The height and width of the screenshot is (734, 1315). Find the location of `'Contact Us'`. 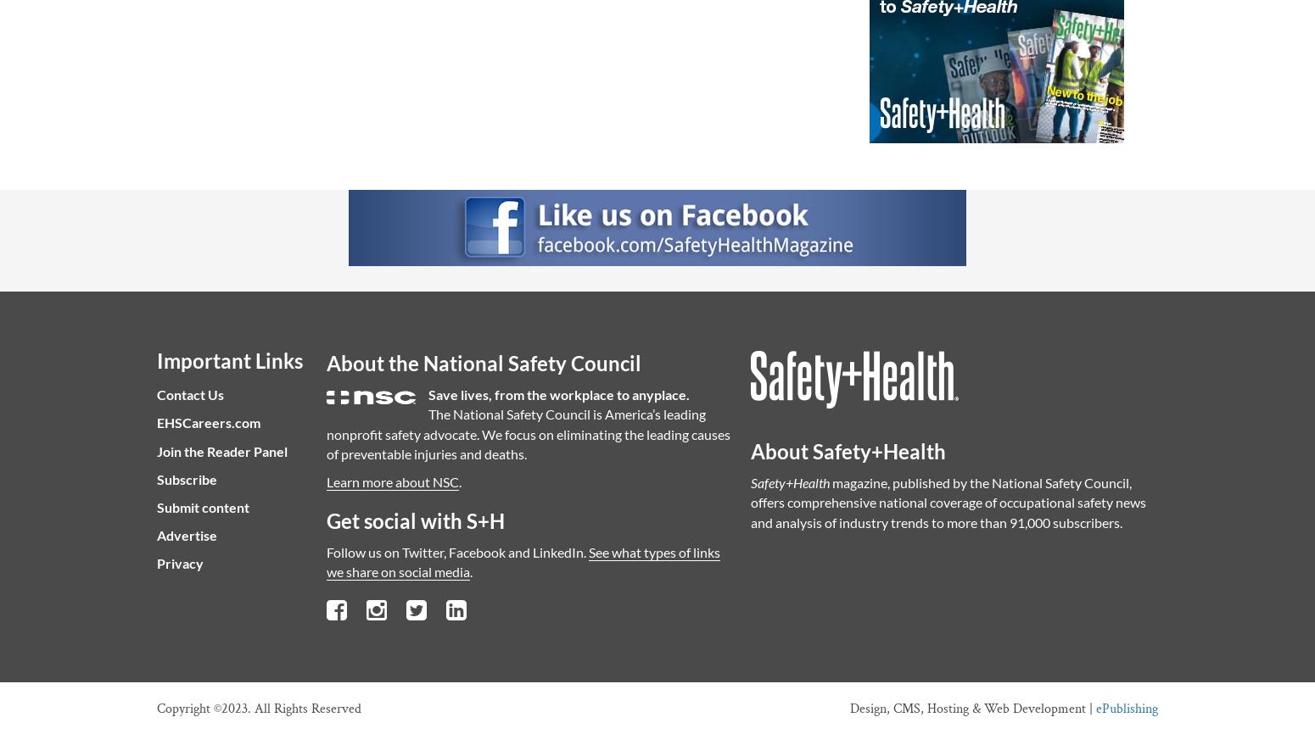

'Contact Us' is located at coordinates (189, 394).